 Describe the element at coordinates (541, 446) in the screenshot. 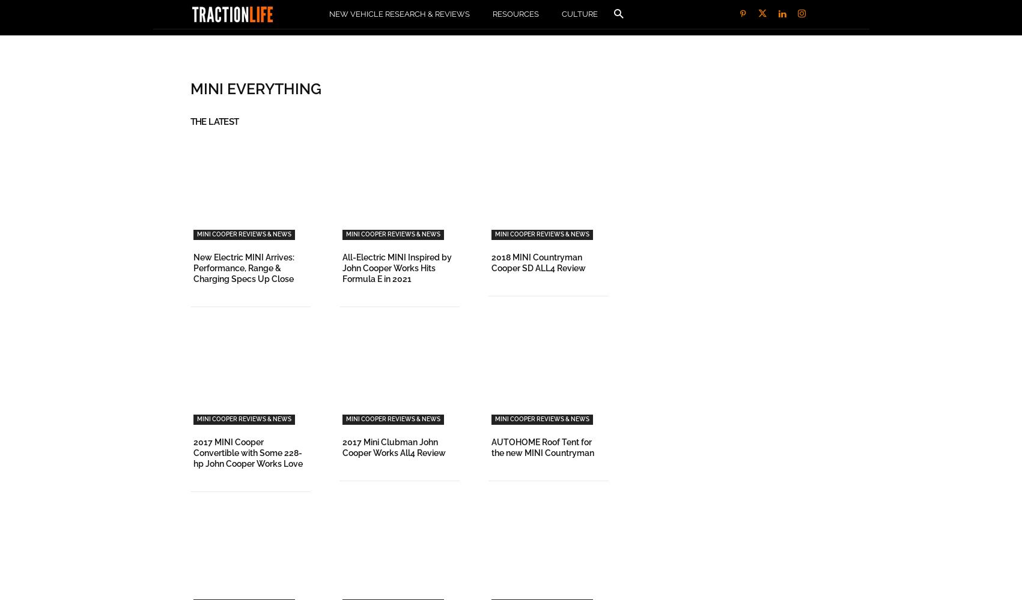

I see `'AUTOHOME Roof Tent for the new MINI Countryman'` at that location.